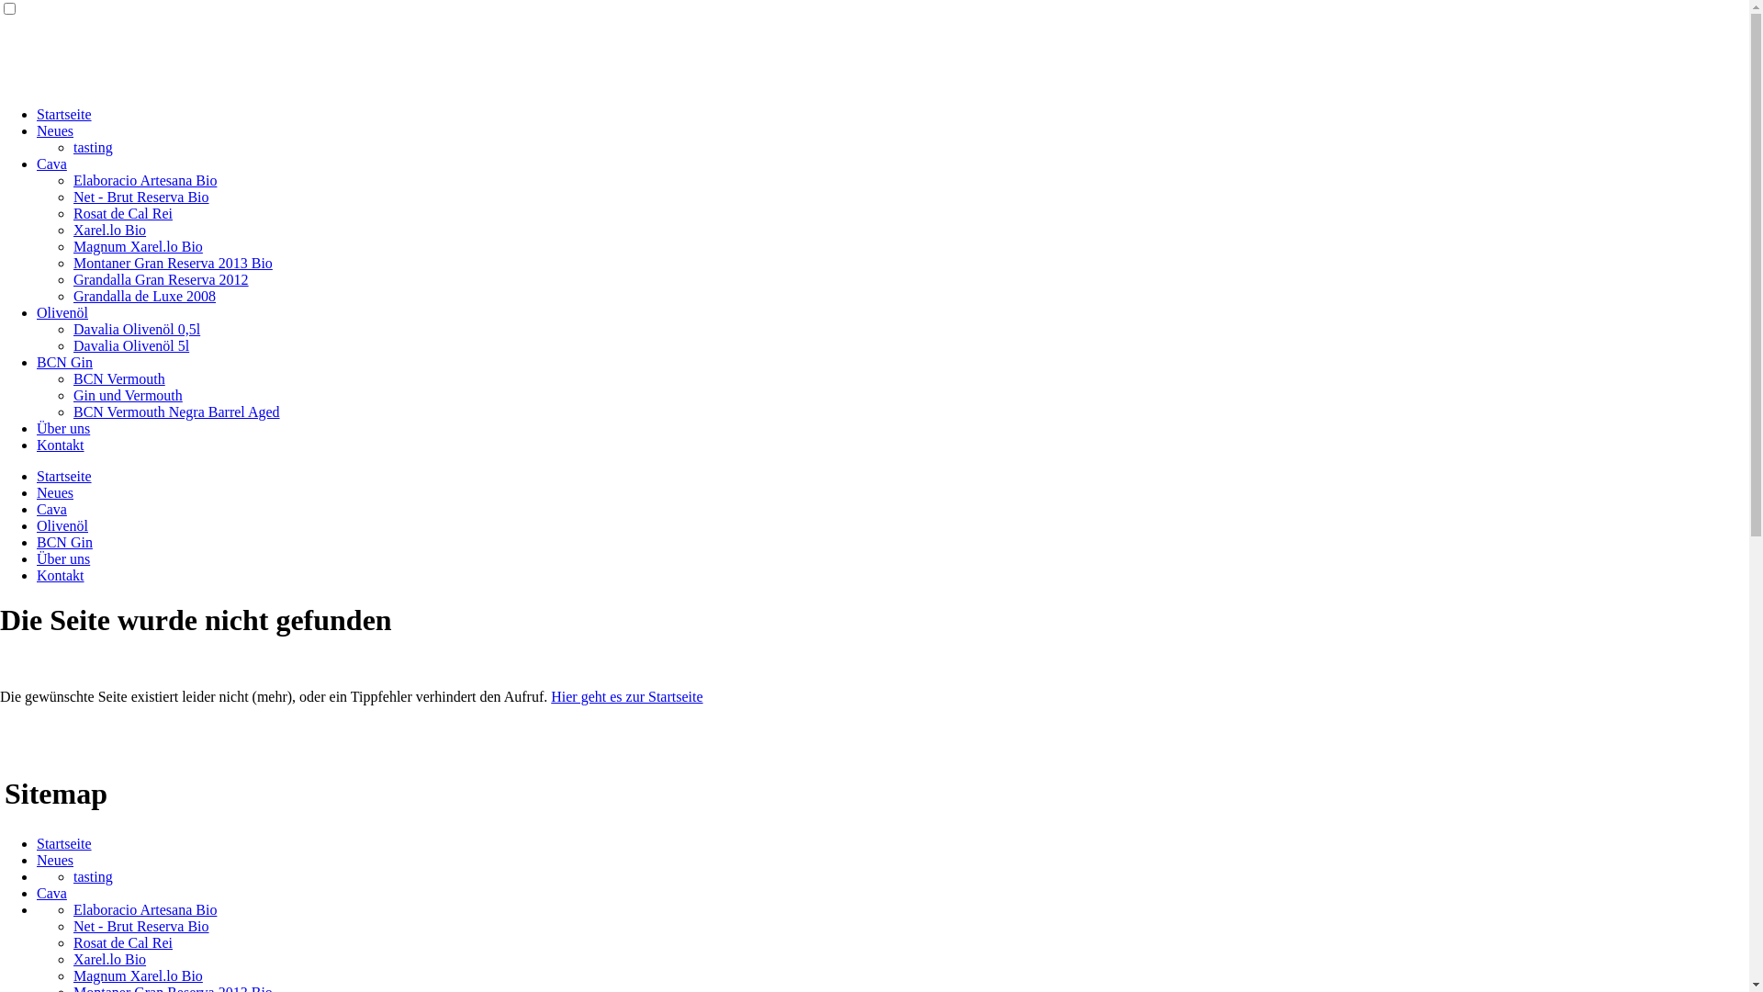 The image size is (1763, 992). I want to click on 'Startseite', so click(36, 475).